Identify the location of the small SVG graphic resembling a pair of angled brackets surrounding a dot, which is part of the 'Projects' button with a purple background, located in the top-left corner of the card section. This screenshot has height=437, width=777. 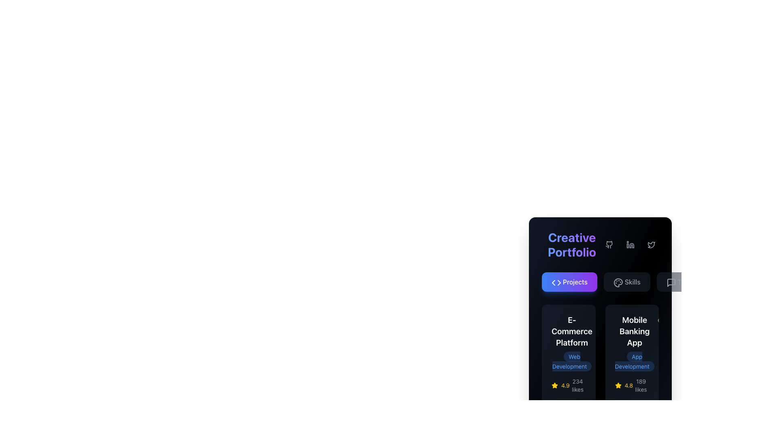
(556, 282).